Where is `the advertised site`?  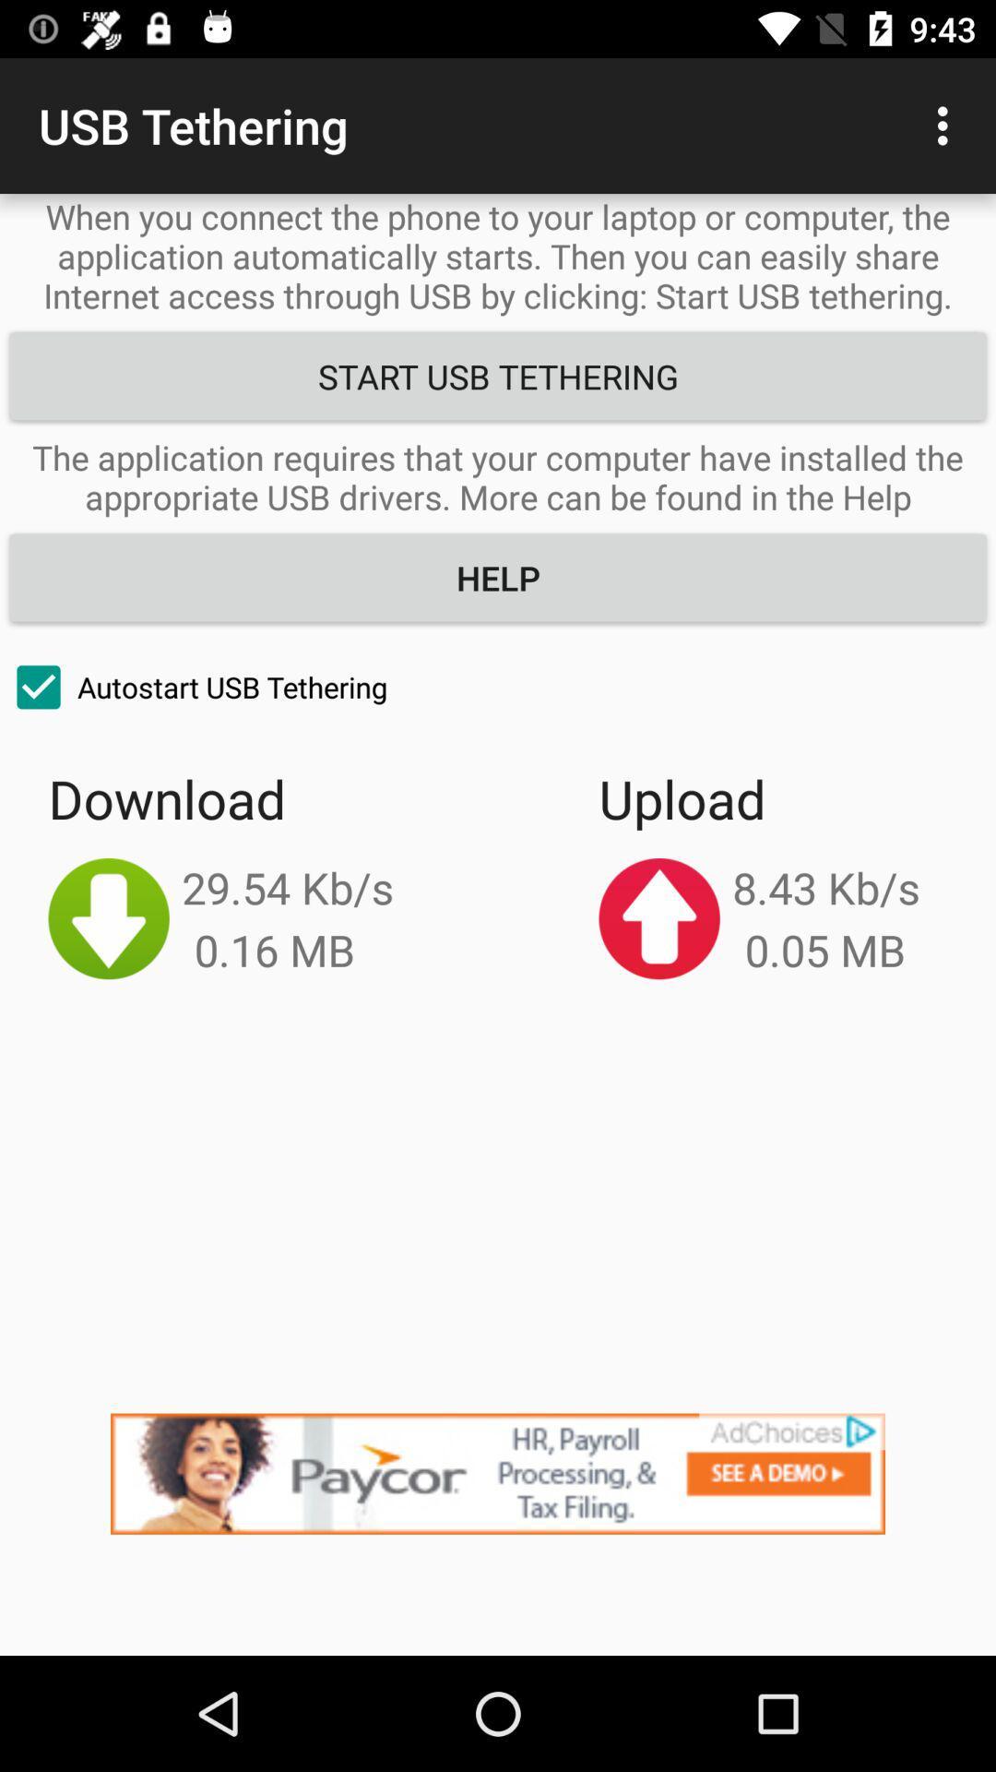
the advertised site is located at coordinates (498, 1534).